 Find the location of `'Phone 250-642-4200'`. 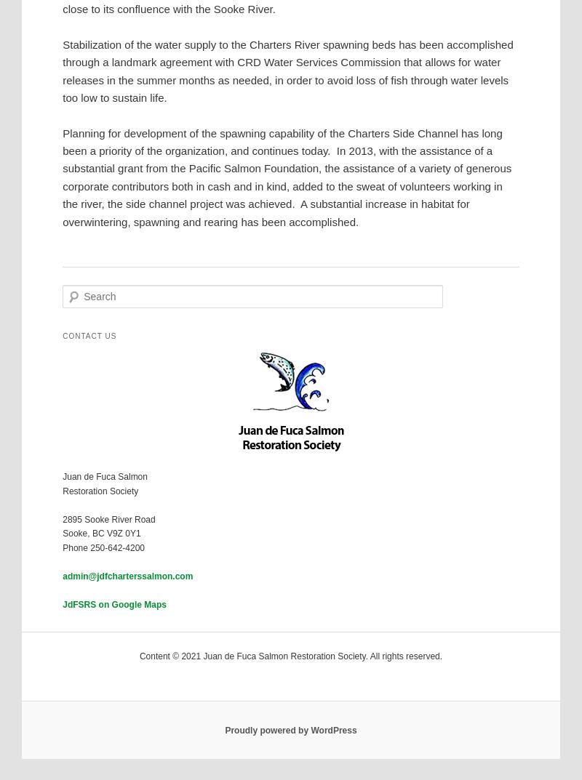

'Phone 250-642-4200' is located at coordinates (103, 547).